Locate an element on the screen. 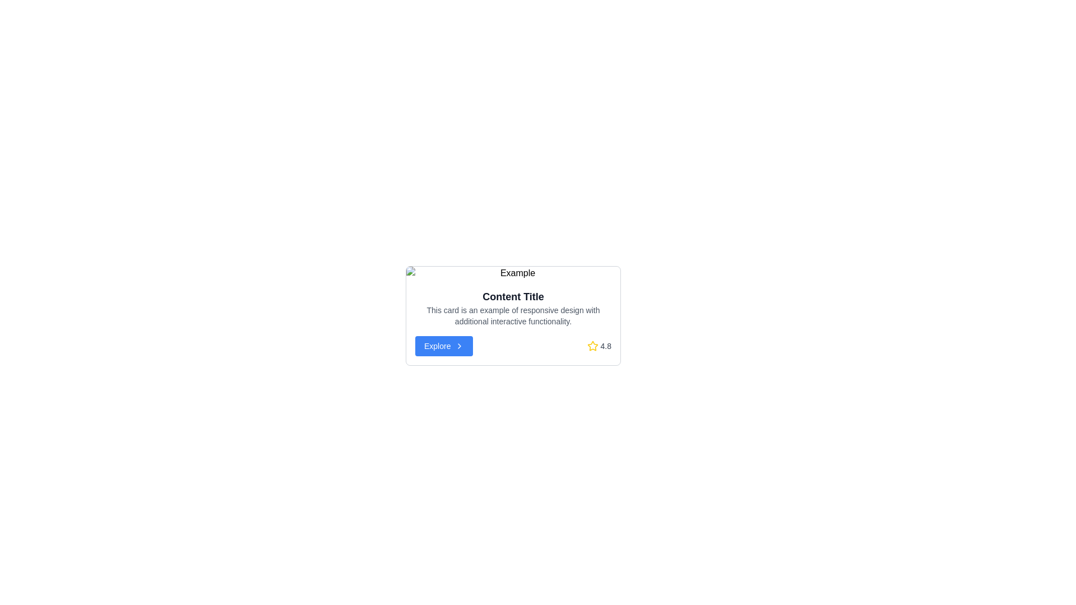  the small yellow star icon, which is outlined and styled in a modern design, located towards the bottom-right corner of the card interface is located at coordinates (592, 345).